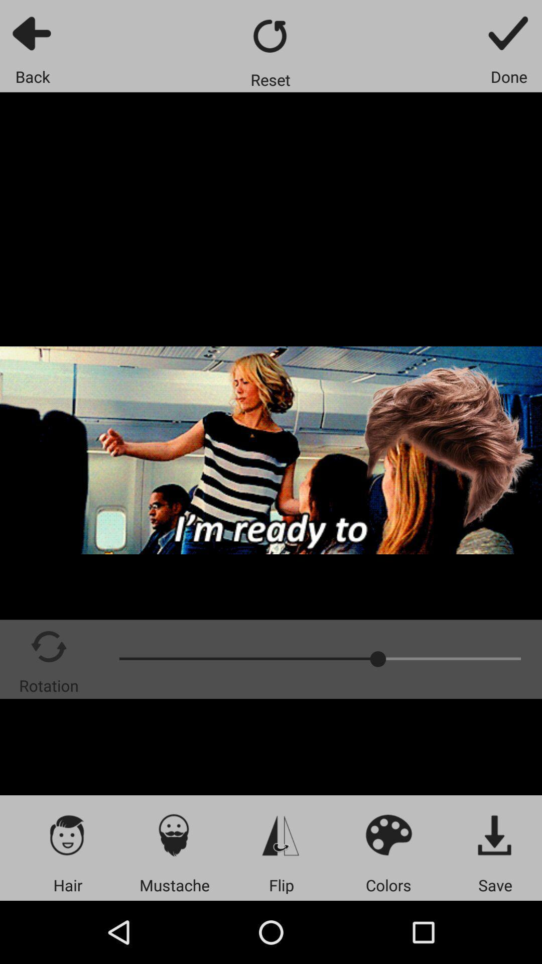 The width and height of the screenshot is (542, 964). Describe the element at coordinates (270, 36) in the screenshot. I see `the refresh icon` at that location.